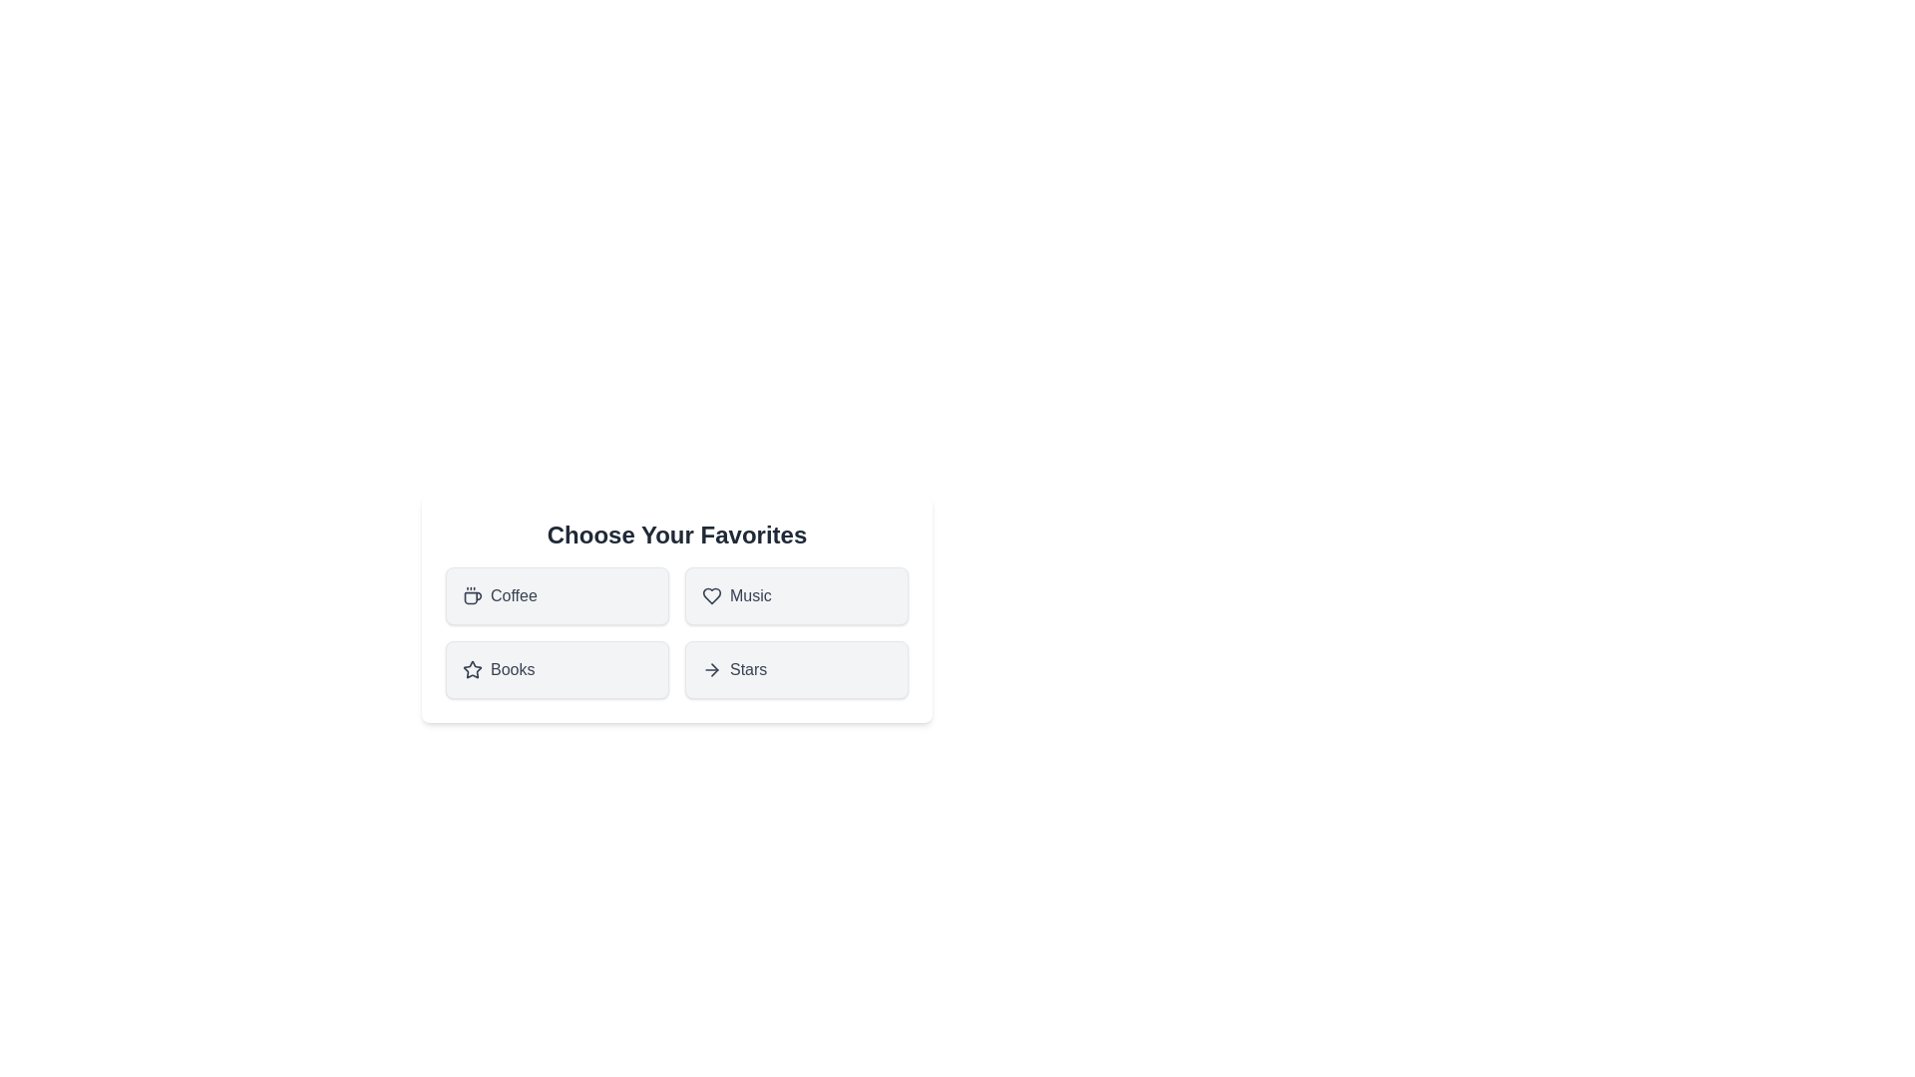 Image resolution: width=1915 pixels, height=1077 pixels. What do you see at coordinates (472, 669) in the screenshot?
I see `the star-shaped icon in the 'Choose Your Favorites' selection interface, located at the bottom-right, which serves as an interactive indicator for selection or rating` at bounding box center [472, 669].